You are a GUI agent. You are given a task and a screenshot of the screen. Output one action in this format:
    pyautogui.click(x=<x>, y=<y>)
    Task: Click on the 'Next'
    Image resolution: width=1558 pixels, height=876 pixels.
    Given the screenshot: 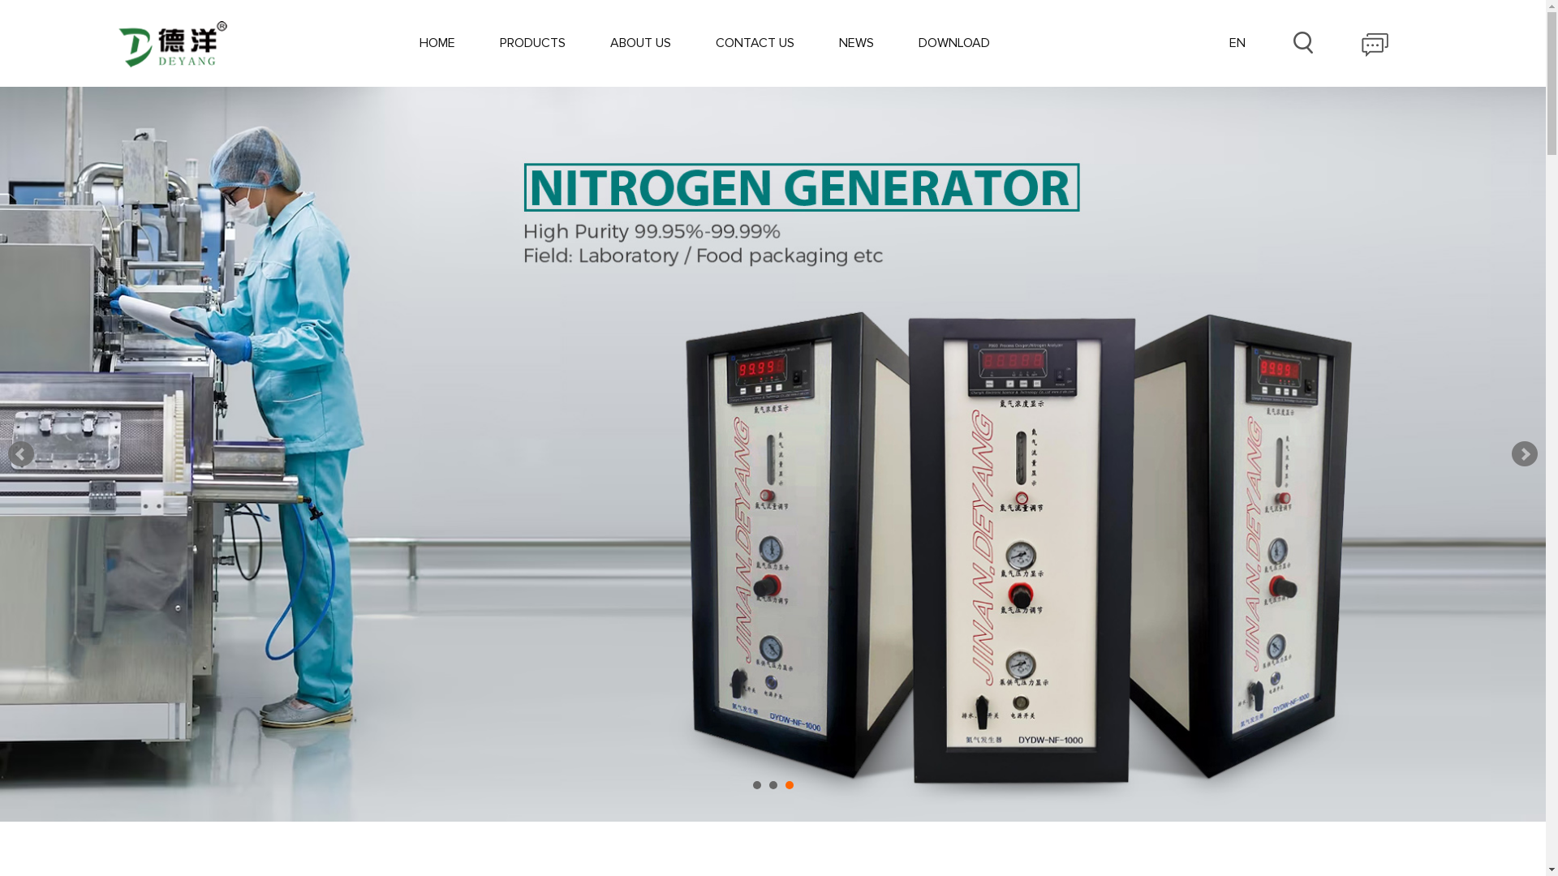 What is the action you would take?
    pyautogui.click(x=1523, y=453)
    